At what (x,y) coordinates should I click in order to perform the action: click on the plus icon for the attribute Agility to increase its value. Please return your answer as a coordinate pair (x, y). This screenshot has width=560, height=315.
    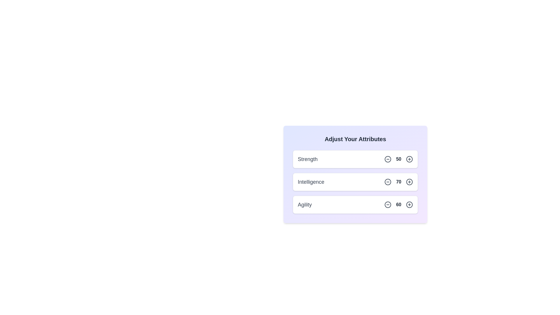
    Looking at the image, I should click on (409, 204).